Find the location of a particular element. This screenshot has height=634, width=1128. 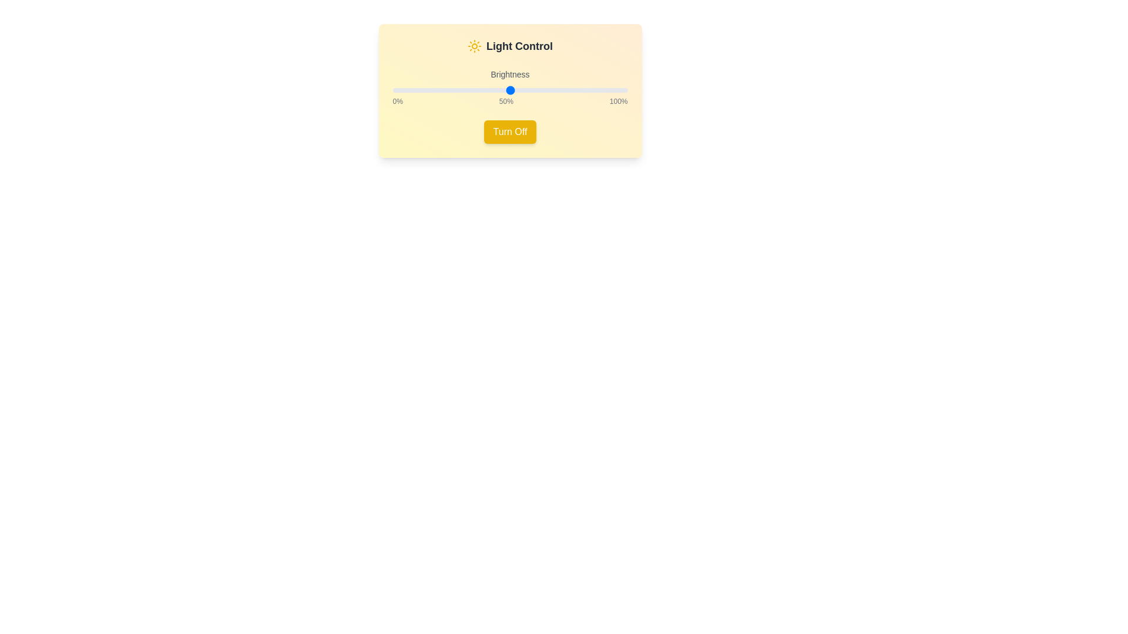

brightness is located at coordinates (609, 90).